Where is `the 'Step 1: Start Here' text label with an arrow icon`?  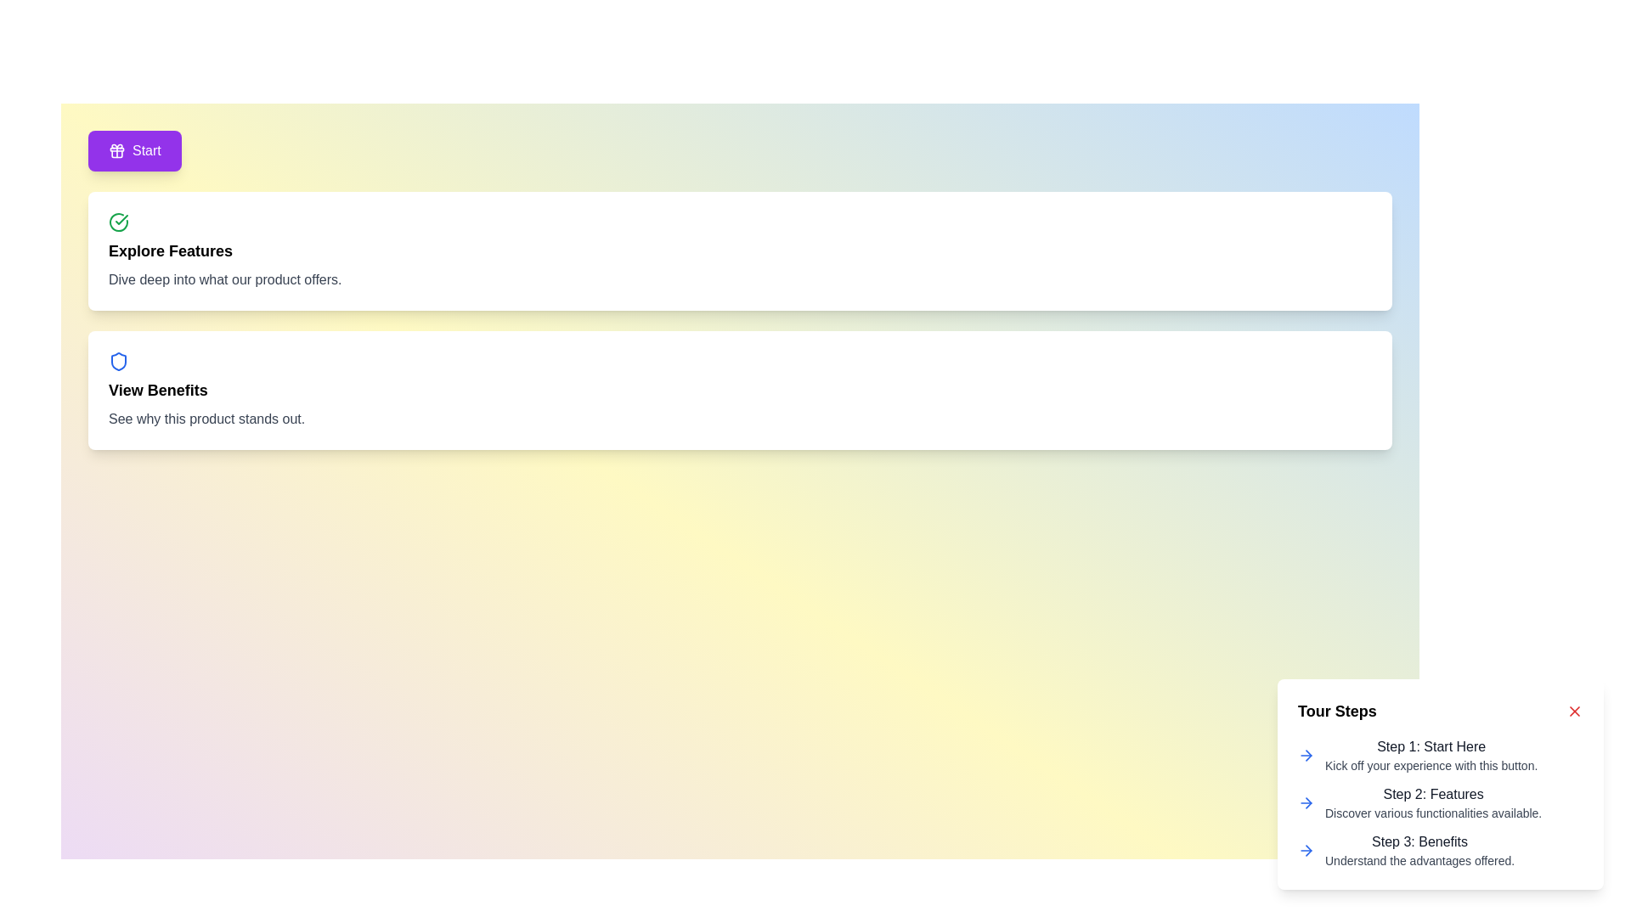 the 'Step 1: Start Here' text label with an arrow icon is located at coordinates (1439, 755).